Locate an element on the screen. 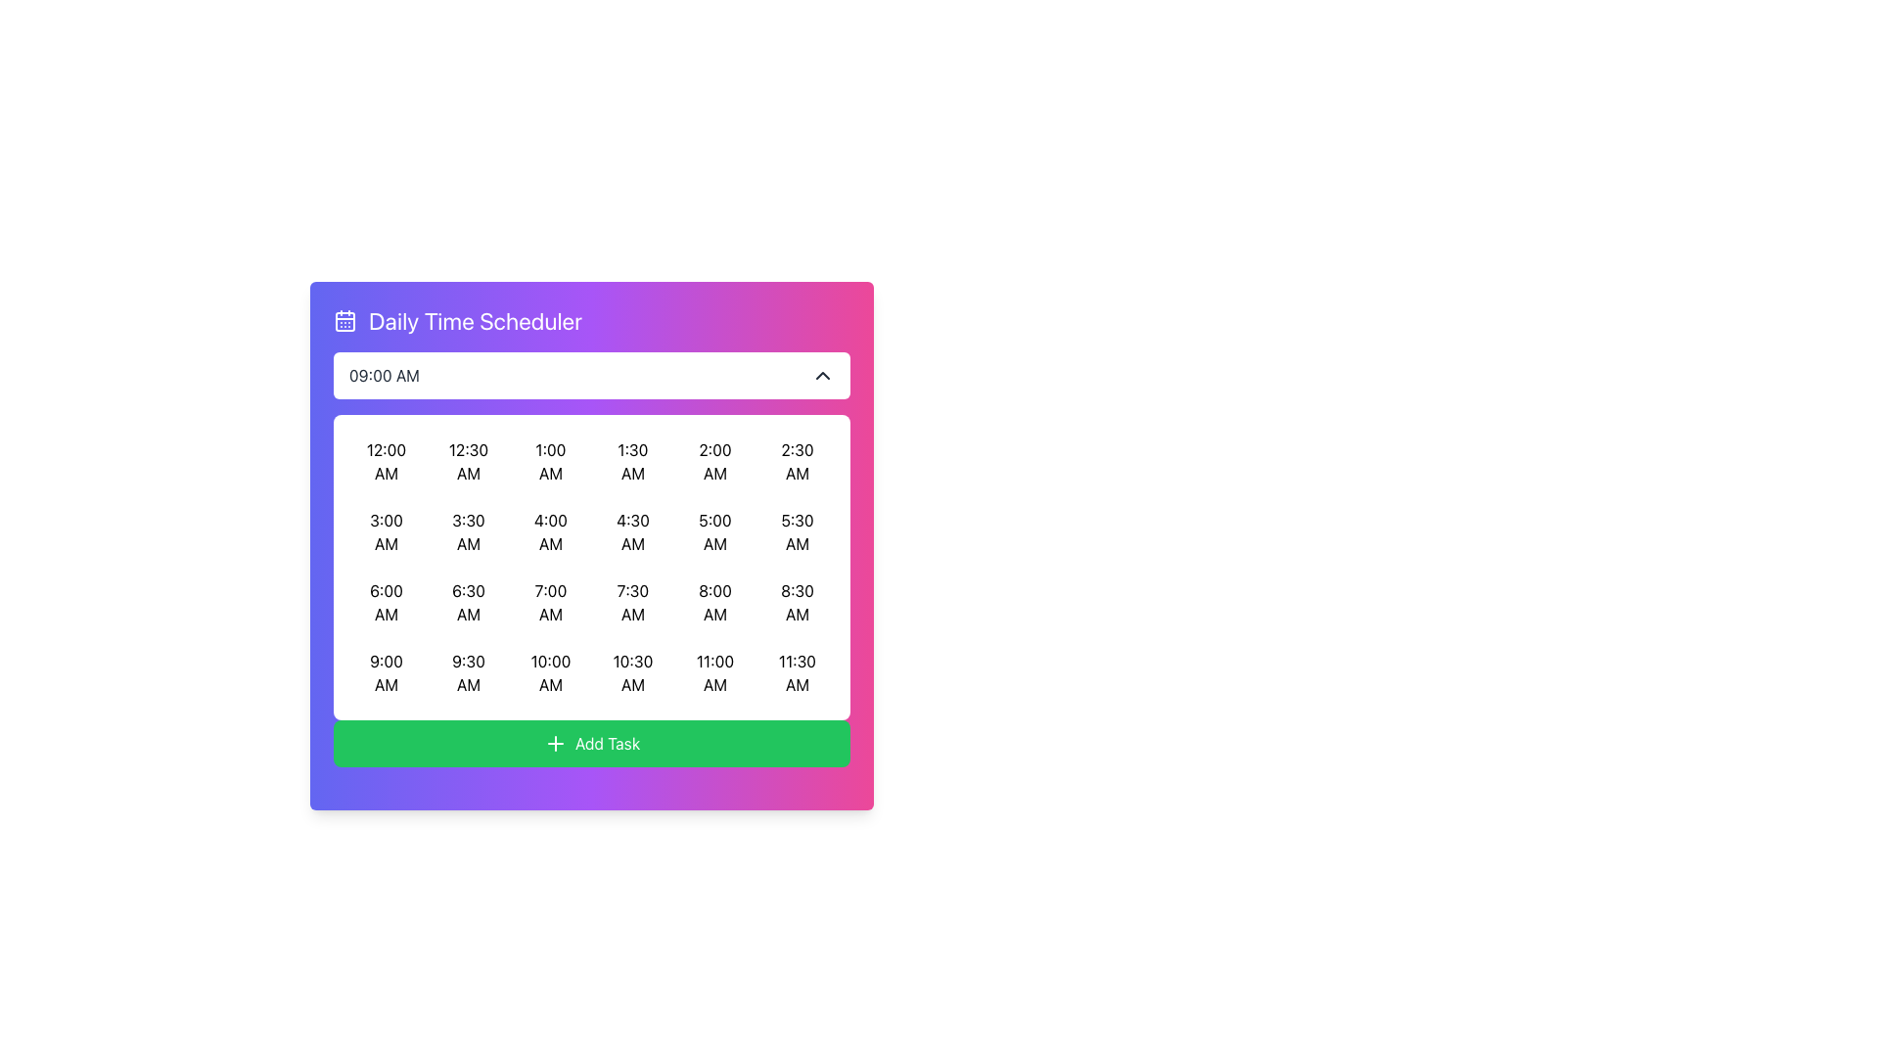 The image size is (1879, 1057). the rectangular button labeled '5:00 AM' in the Daily Time Scheduler modal is located at coordinates (713, 531).